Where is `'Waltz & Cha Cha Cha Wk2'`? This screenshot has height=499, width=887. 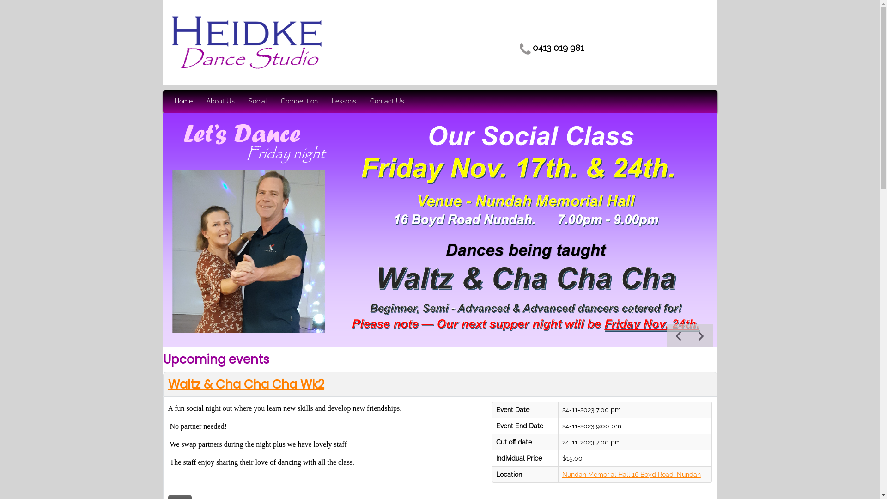
'Waltz & Cha Cha Cha Wk2' is located at coordinates (168, 384).